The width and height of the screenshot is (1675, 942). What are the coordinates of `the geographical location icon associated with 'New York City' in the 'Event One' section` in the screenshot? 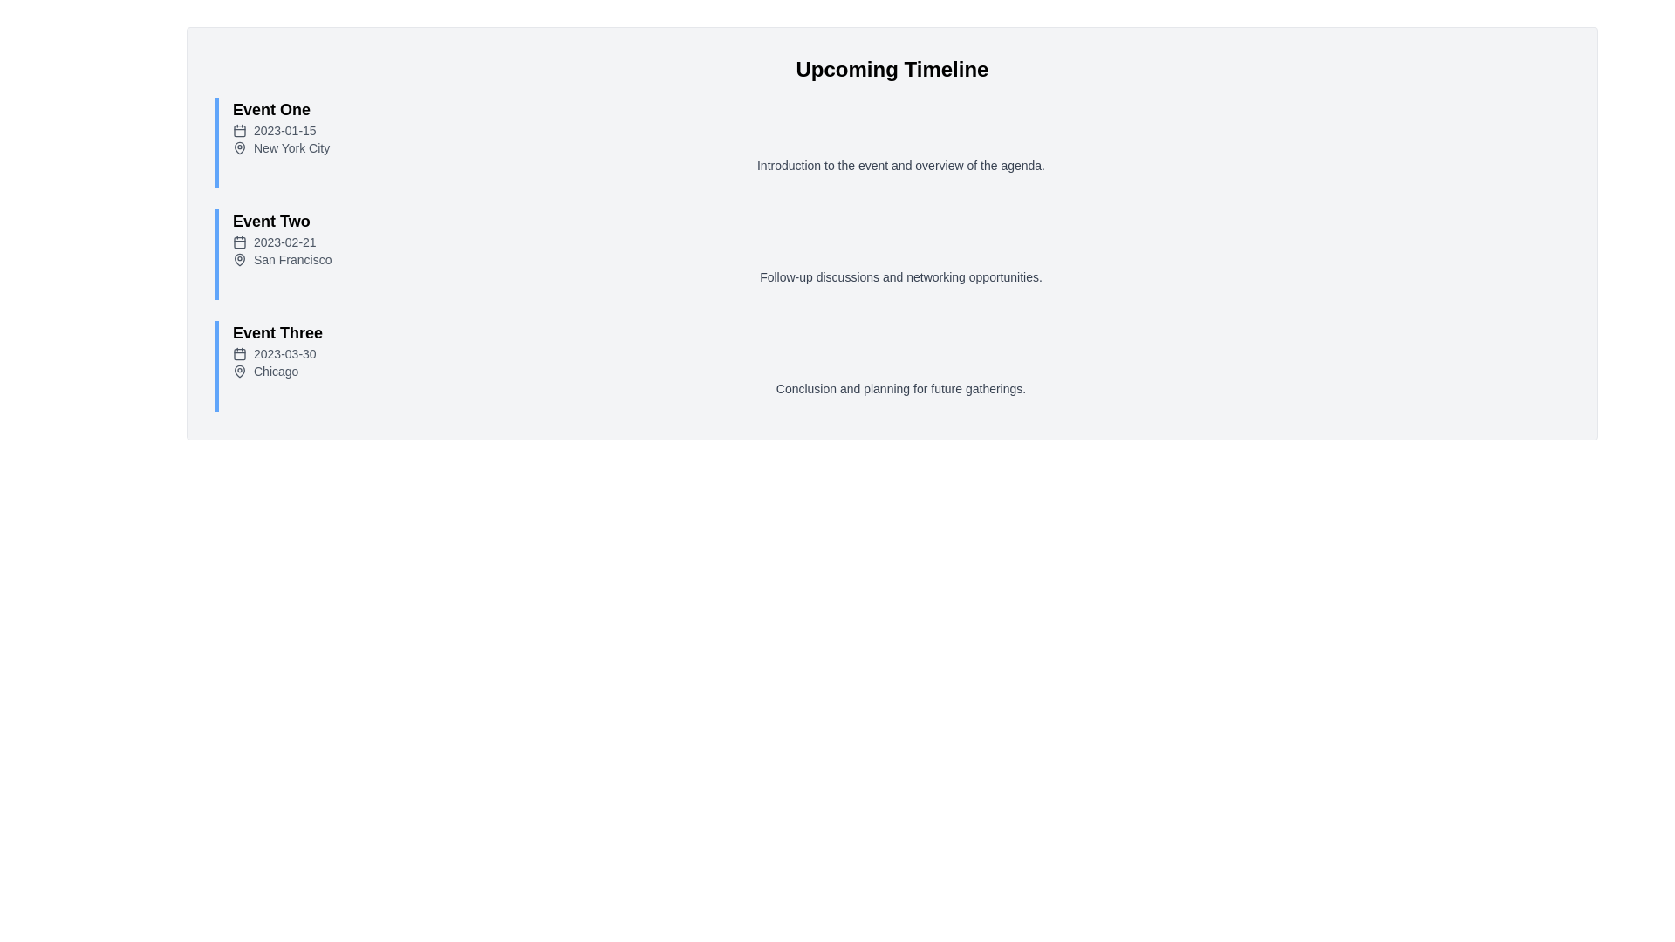 It's located at (238, 147).